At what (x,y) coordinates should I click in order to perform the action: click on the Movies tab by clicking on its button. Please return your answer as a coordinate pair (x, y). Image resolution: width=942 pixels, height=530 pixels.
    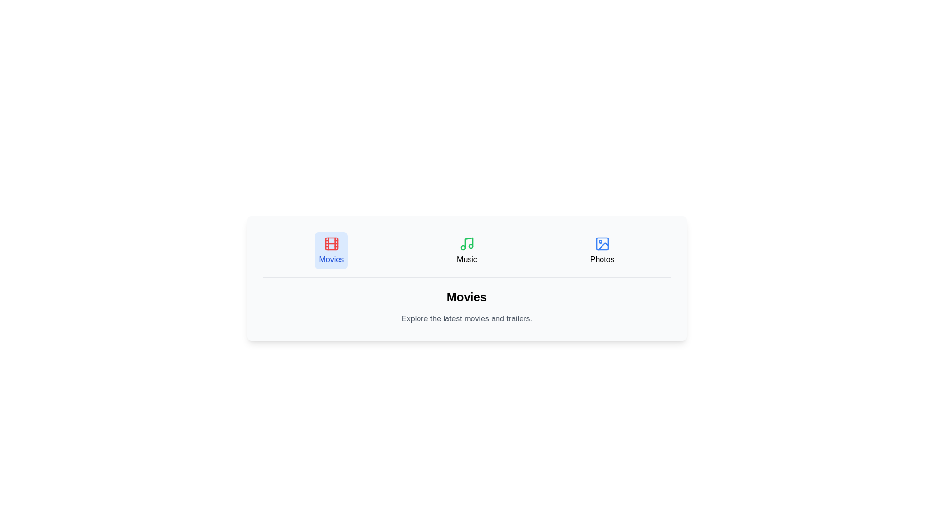
    Looking at the image, I should click on (331, 250).